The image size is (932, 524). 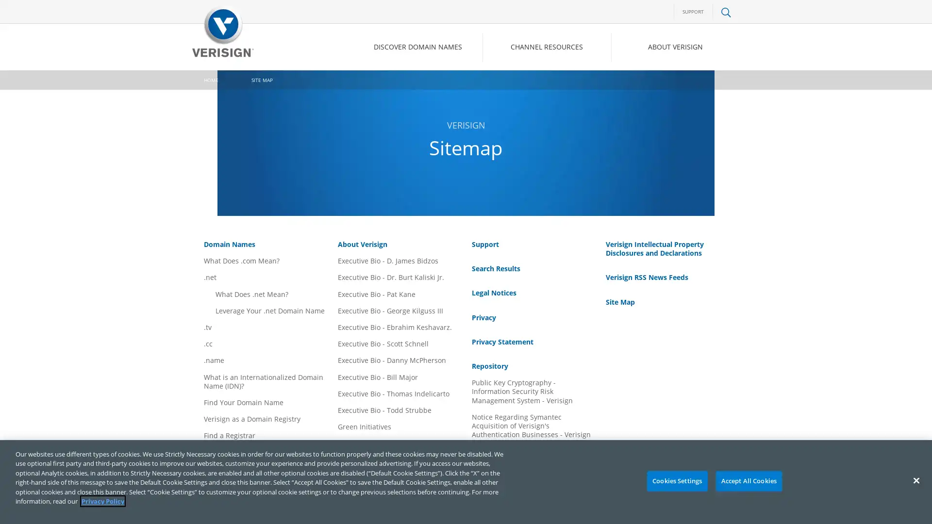 I want to click on Cookies Settings, so click(x=676, y=481).